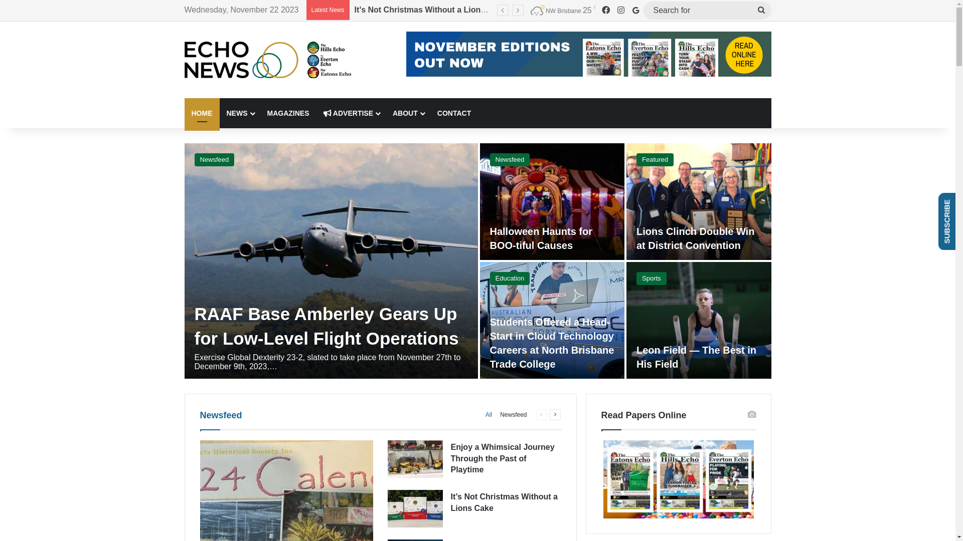  What do you see at coordinates (620, 10) in the screenshot?
I see `'Instagram'` at bounding box center [620, 10].